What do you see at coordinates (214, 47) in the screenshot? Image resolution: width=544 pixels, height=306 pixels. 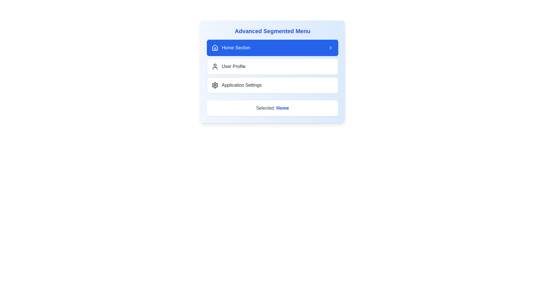 I see `the 'Home Section' button in the segmented menu by clicking on its graphic indicator located at the topmost position` at bounding box center [214, 47].